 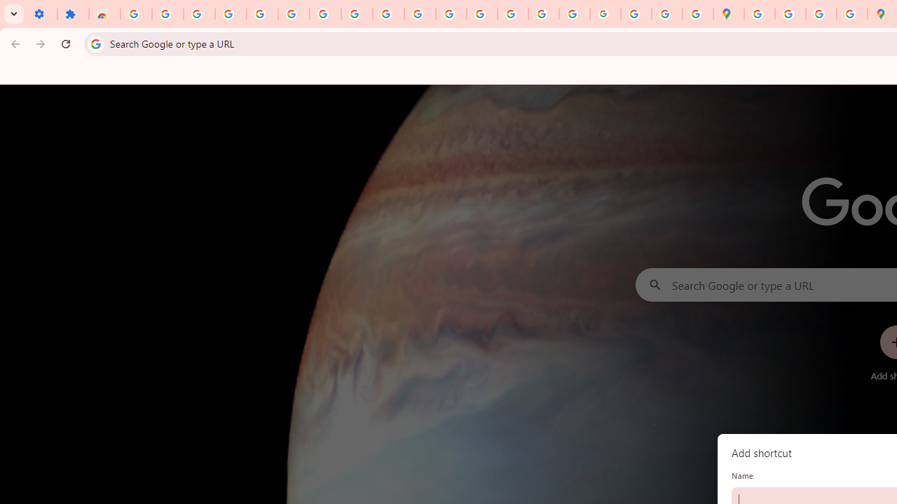 I want to click on 'Reviews: Helix Fruit Jump Arcade Game', so click(x=104, y=14).